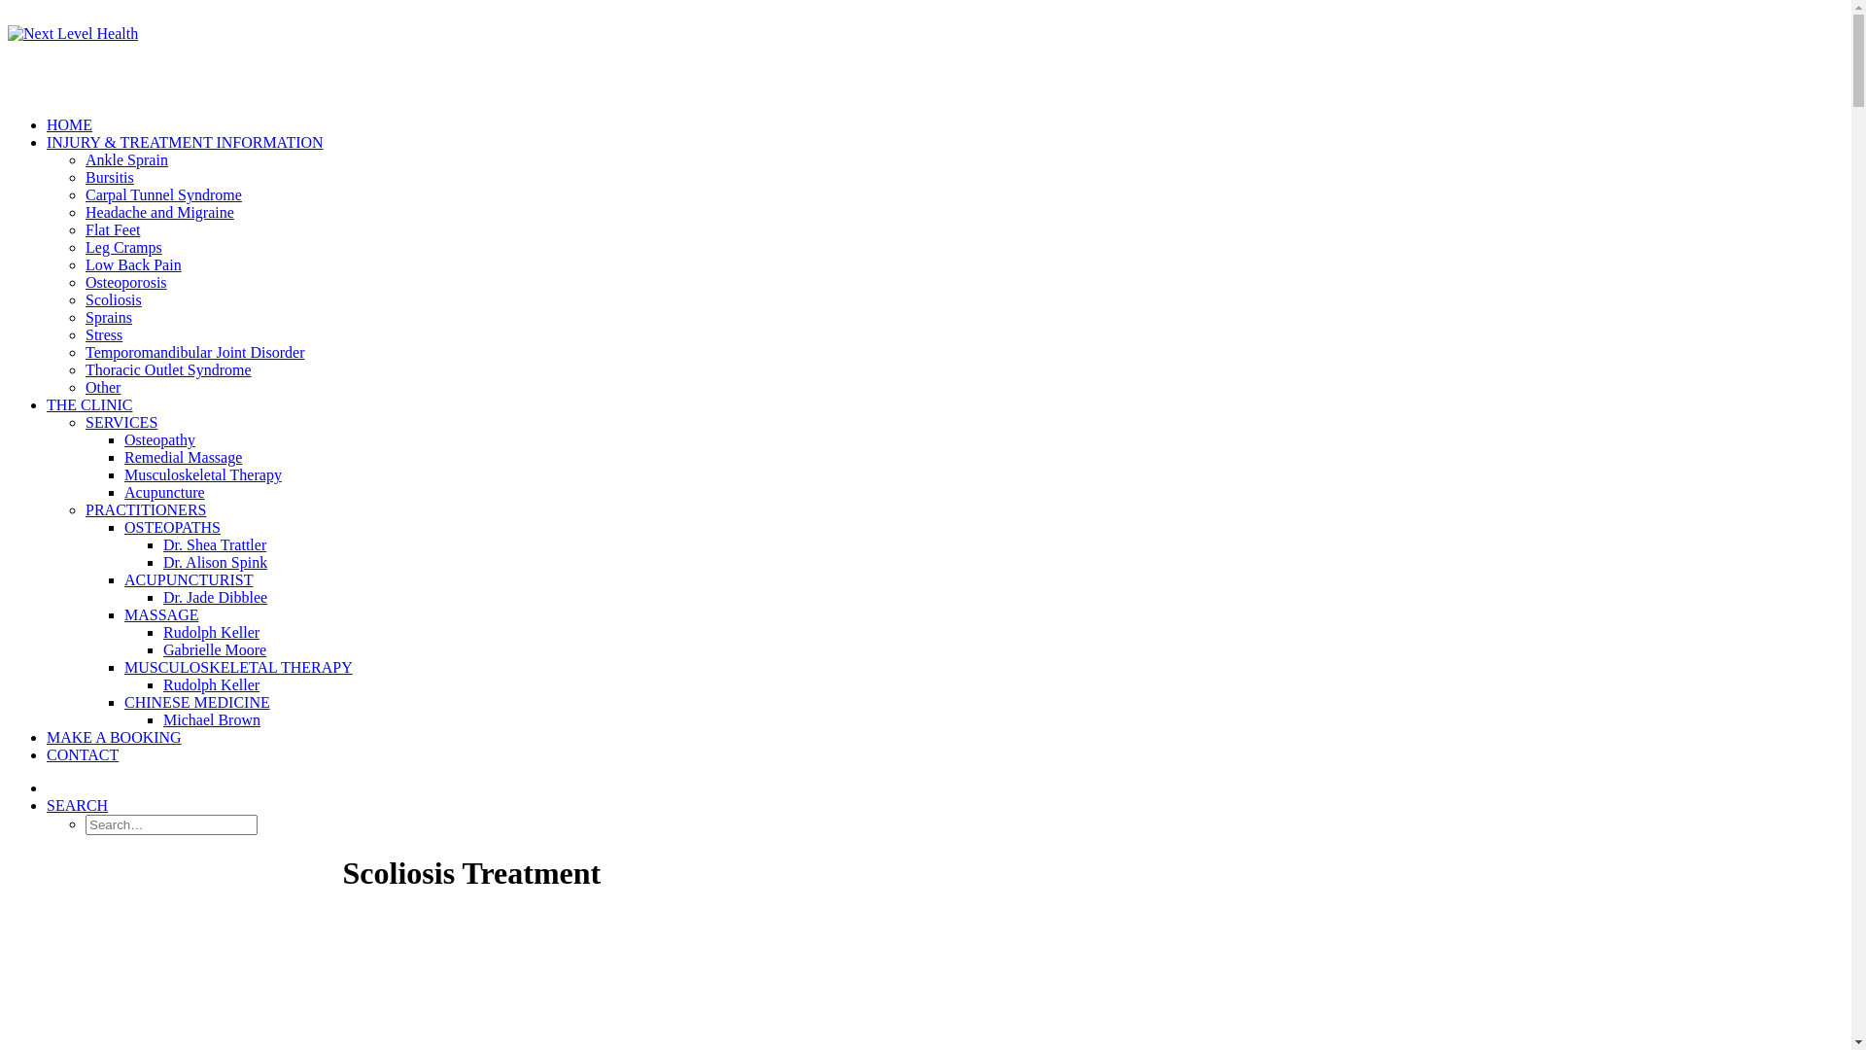 Image resolution: width=1866 pixels, height=1050 pixels. I want to click on 'Osteoporosis', so click(124, 282).